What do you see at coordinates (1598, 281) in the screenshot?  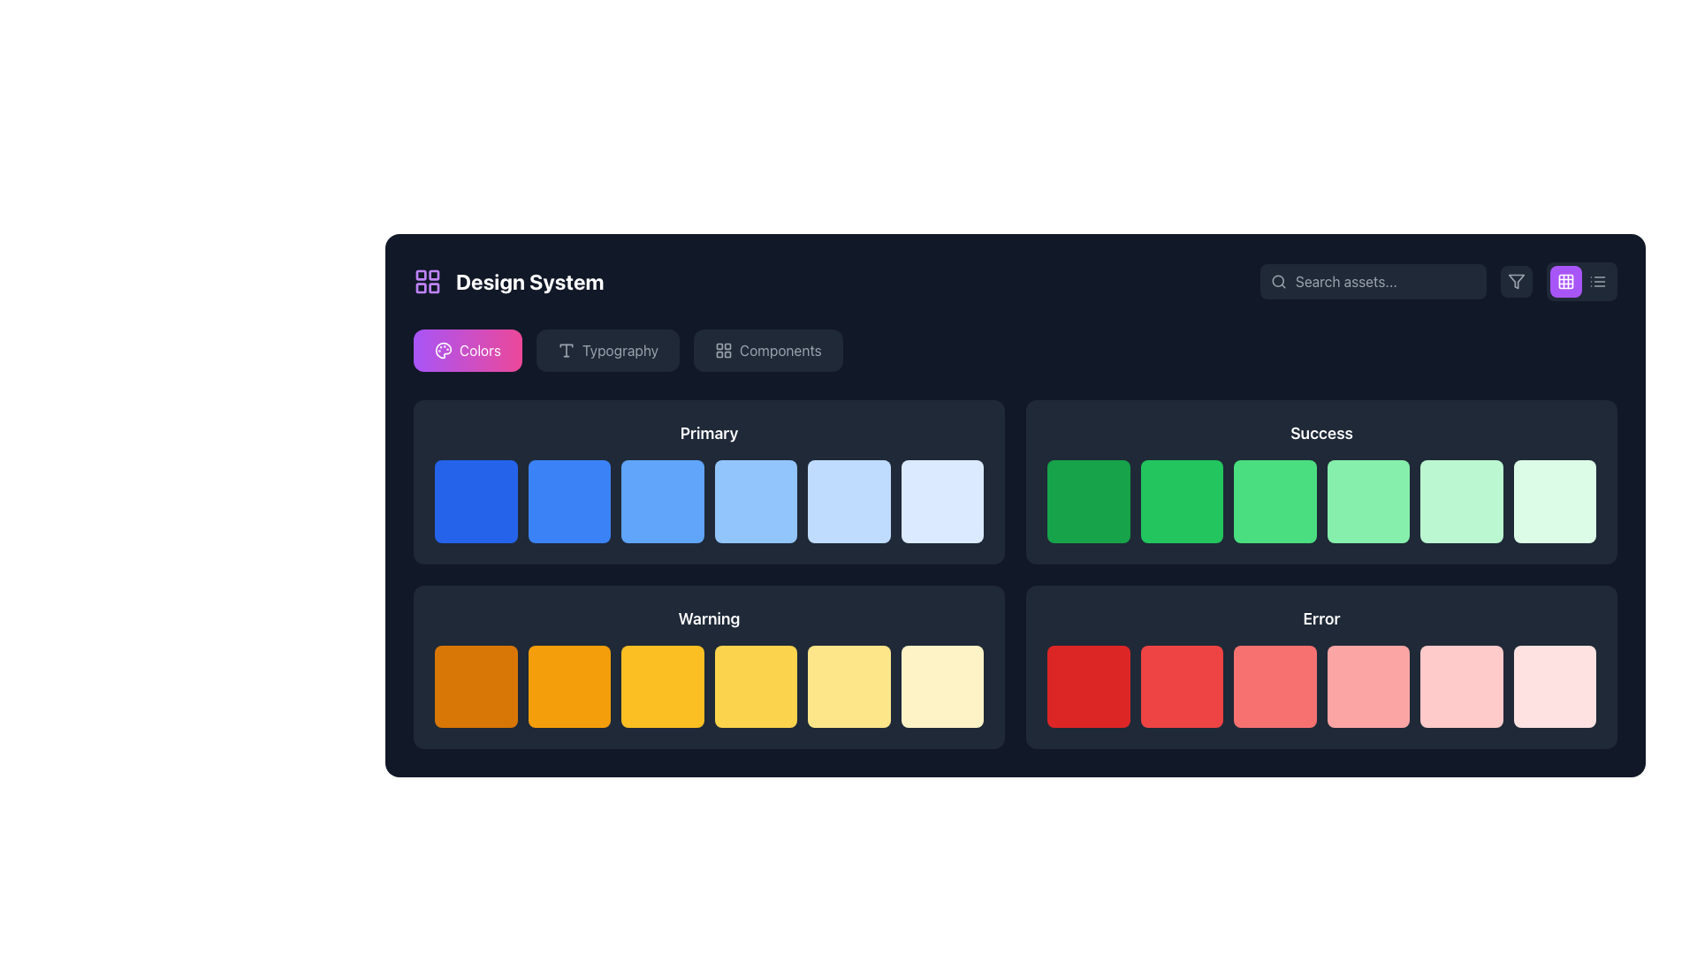 I see `the small gray button with rounded corners that contains a light gray list icon` at bounding box center [1598, 281].